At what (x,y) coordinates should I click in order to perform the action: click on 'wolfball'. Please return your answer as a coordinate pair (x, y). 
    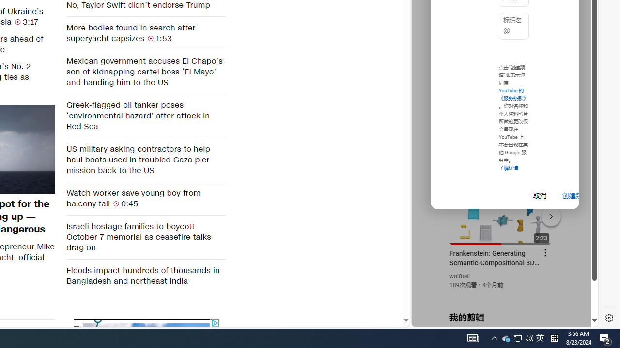
    Looking at the image, I should click on (459, 276).